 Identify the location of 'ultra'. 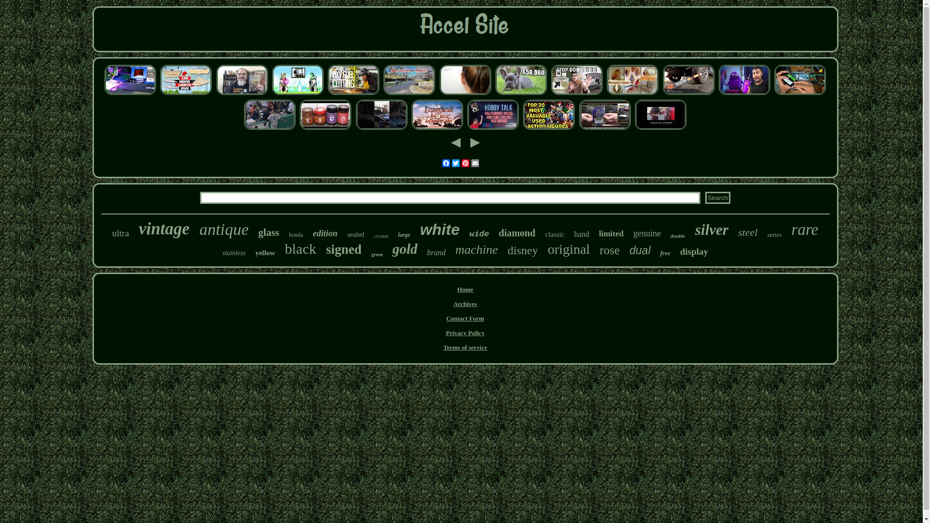
(120, 233).